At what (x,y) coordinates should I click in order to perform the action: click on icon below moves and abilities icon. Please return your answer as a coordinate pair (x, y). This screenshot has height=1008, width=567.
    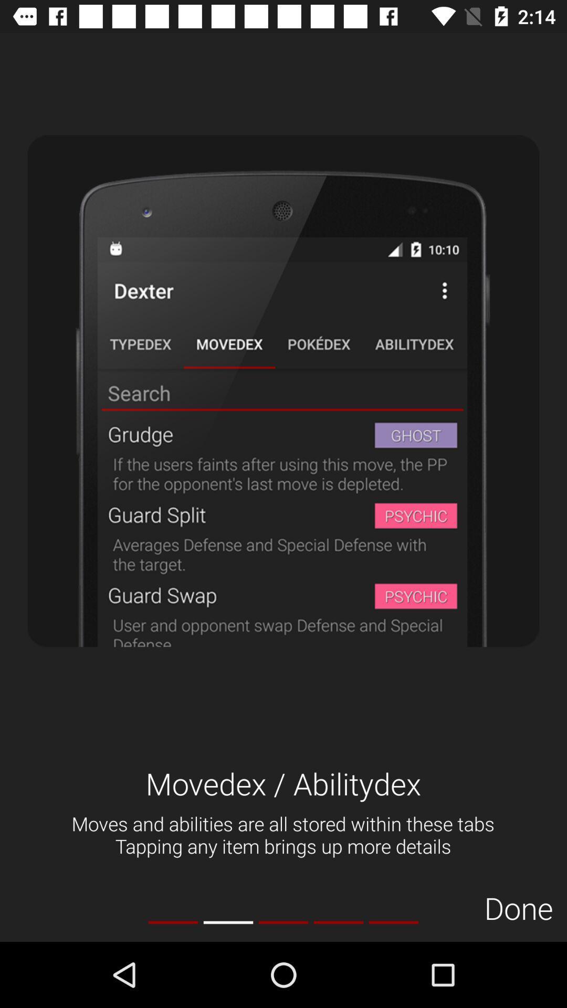
    Looking at the image, I should click on (338, 922).